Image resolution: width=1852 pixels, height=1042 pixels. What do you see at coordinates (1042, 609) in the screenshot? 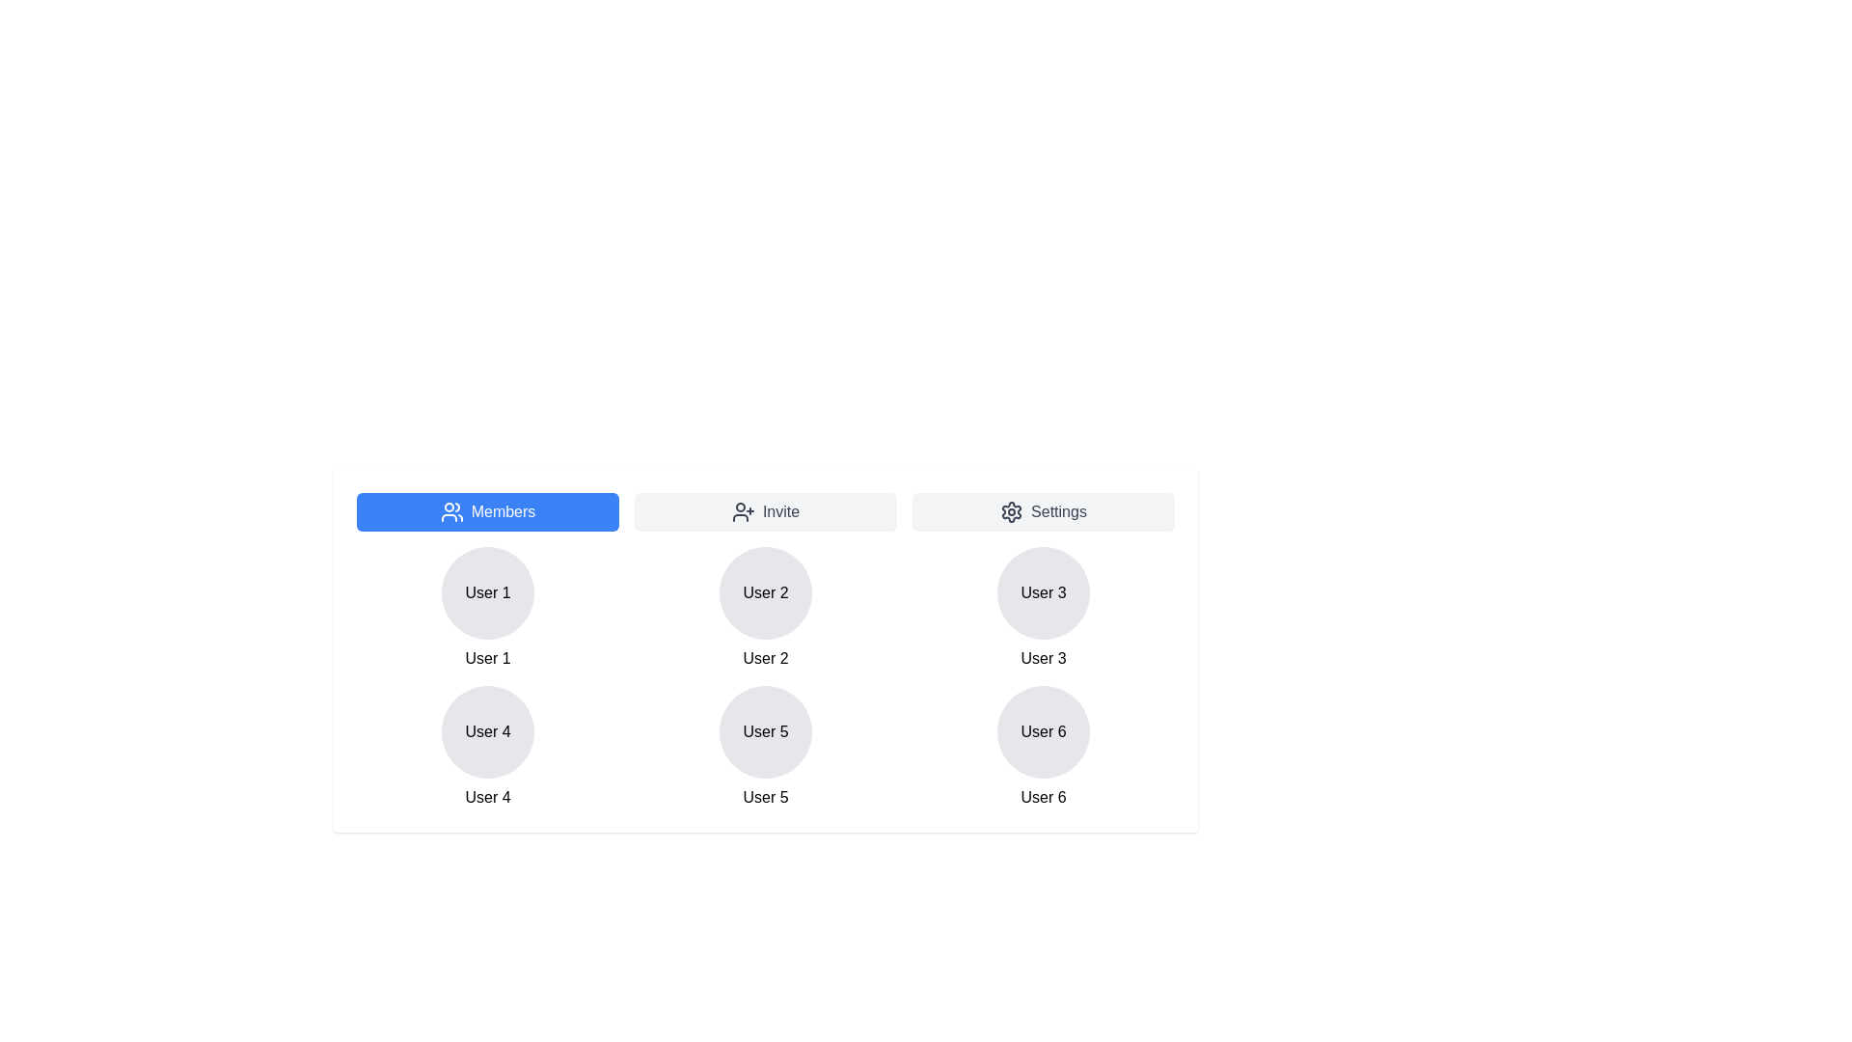
I see `the User profile display element, which features a circular avatar with a light gray background and the text 'User 3' centered within it, located in the top-right section of the grid layout` at bounding box center [1042, 609].